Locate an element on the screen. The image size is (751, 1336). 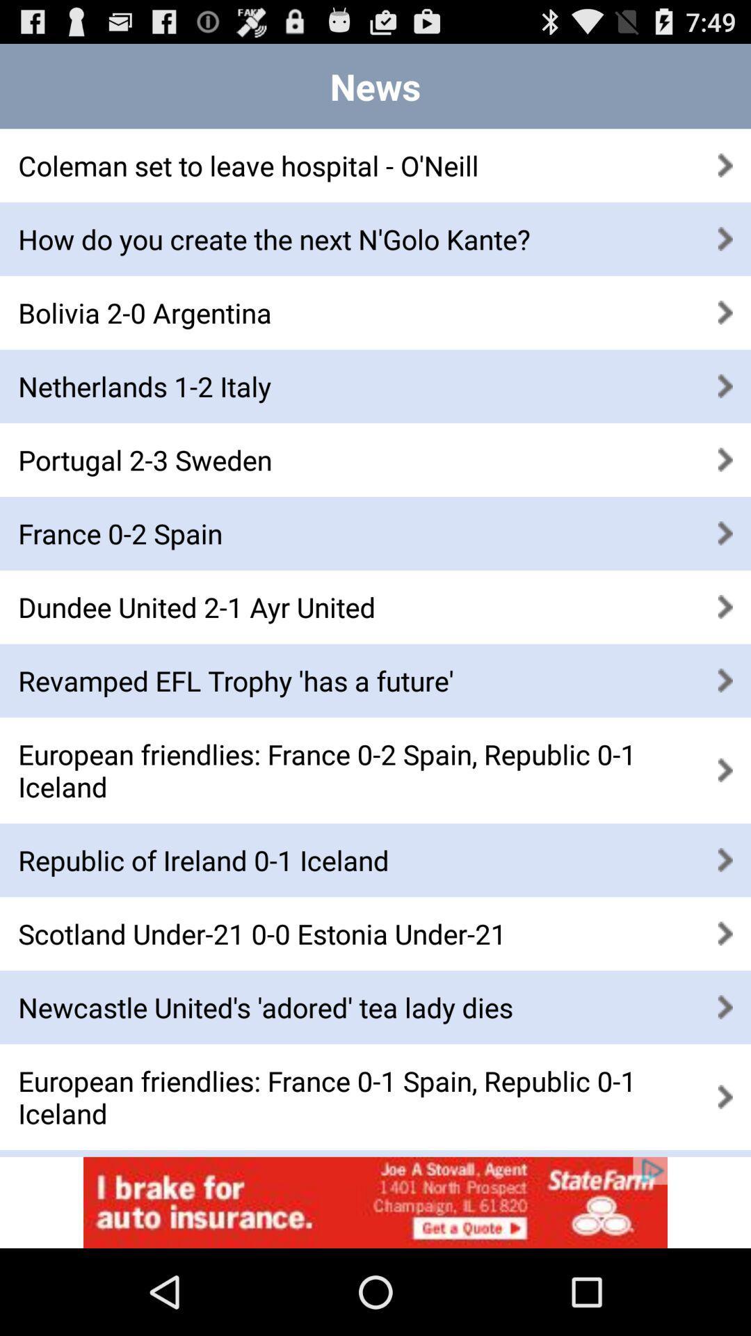
advertisement page is located at coordinates (375, 1202).